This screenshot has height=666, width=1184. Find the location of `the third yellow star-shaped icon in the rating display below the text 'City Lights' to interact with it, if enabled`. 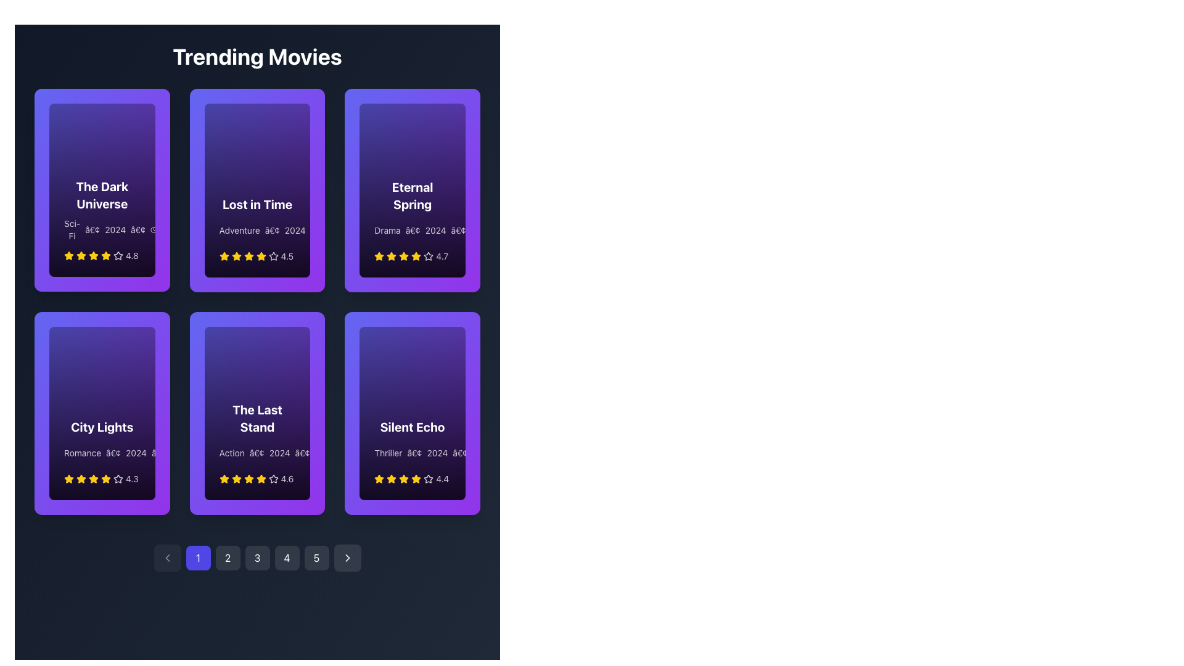

the third yellow star-shaped icon in the rating display below the text 'City Lights' to interact with it, if enabled is located at coordinates (81, 477).